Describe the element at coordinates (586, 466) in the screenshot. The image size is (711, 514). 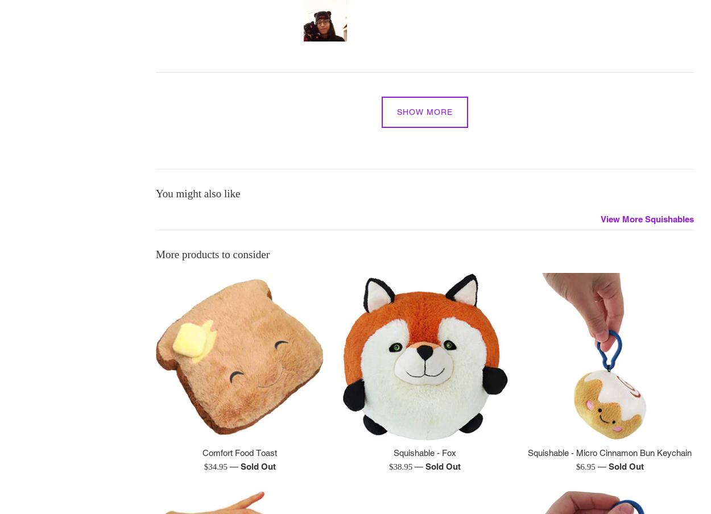
I see `'$6.95'` at that location.